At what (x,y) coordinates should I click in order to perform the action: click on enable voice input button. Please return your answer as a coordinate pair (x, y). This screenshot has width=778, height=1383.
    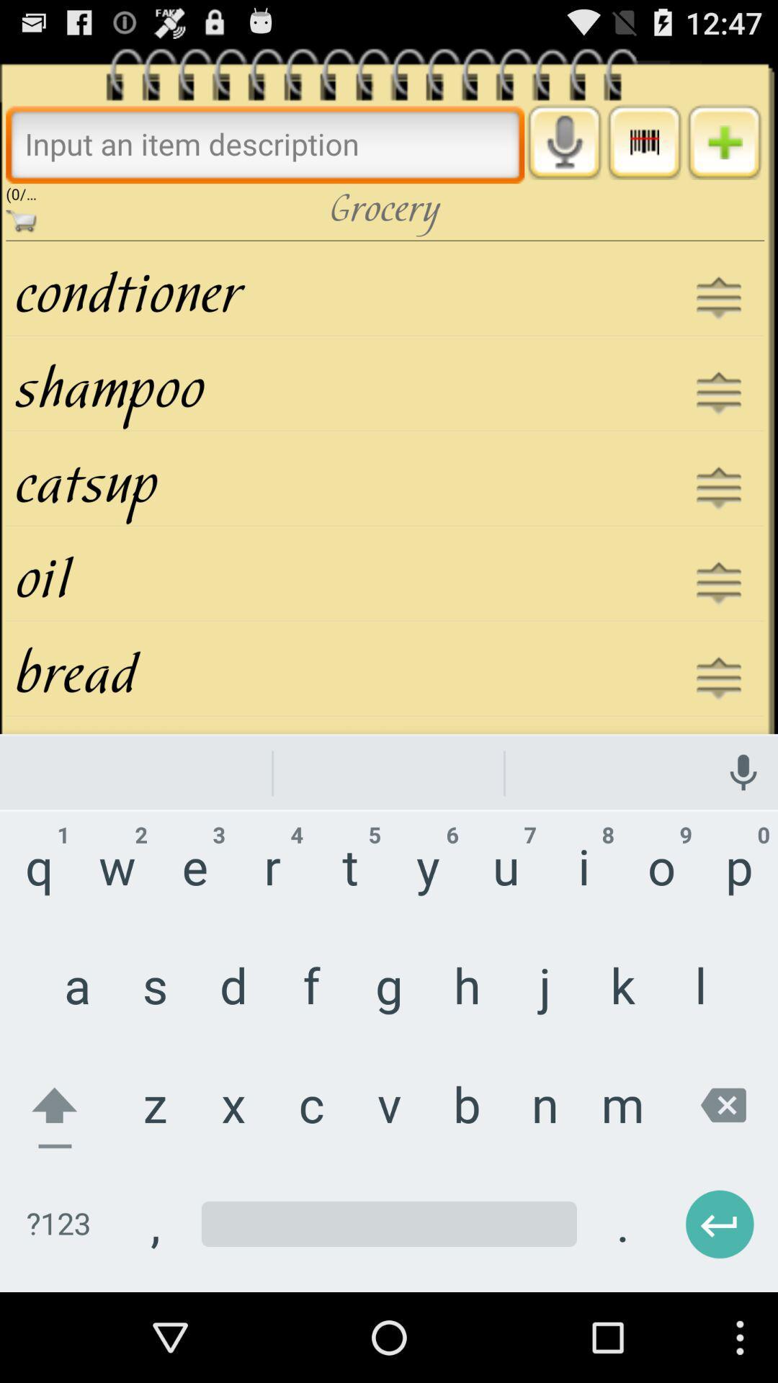
    Looking at the image, I should click on (563, 142).